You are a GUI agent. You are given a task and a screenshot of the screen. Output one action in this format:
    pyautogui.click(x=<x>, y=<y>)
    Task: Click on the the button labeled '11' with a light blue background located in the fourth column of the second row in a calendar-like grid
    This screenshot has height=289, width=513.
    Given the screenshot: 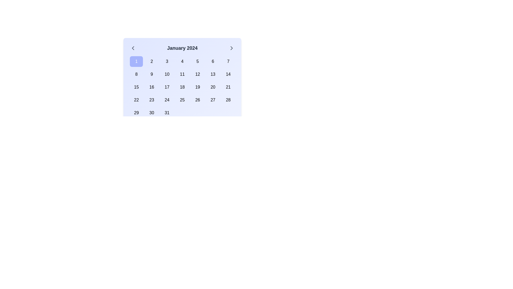 What is the action you would take?
    pyautogui.click(x=182, y=74)
    